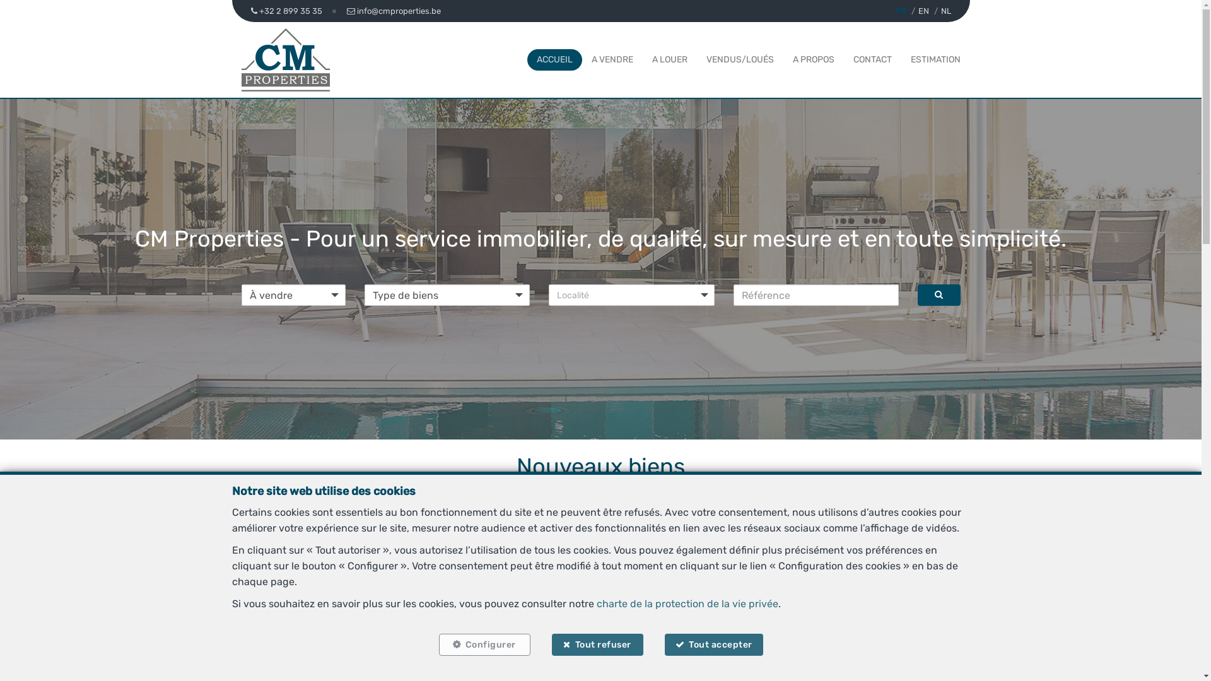 Image resolution: width=1211 pixels, height=681 pixels. Describe the element at coordinates (612, 59) in the screenshot. I see `'A VENDRE'` at that location.